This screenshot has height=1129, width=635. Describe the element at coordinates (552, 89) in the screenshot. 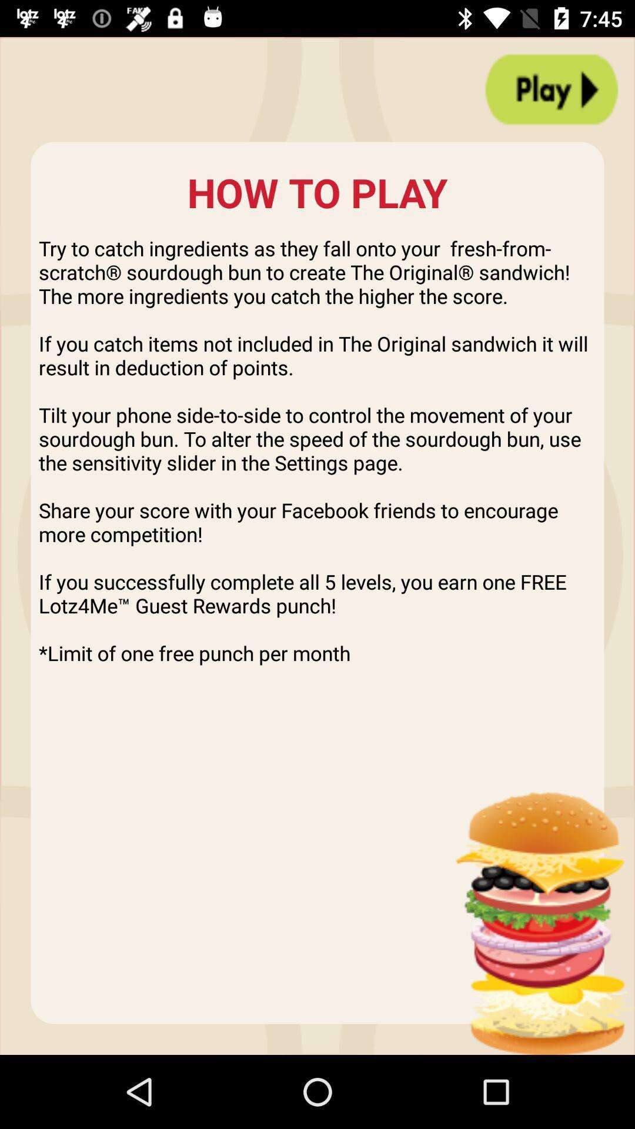

I see `icon above the try to catch icon` at that location.